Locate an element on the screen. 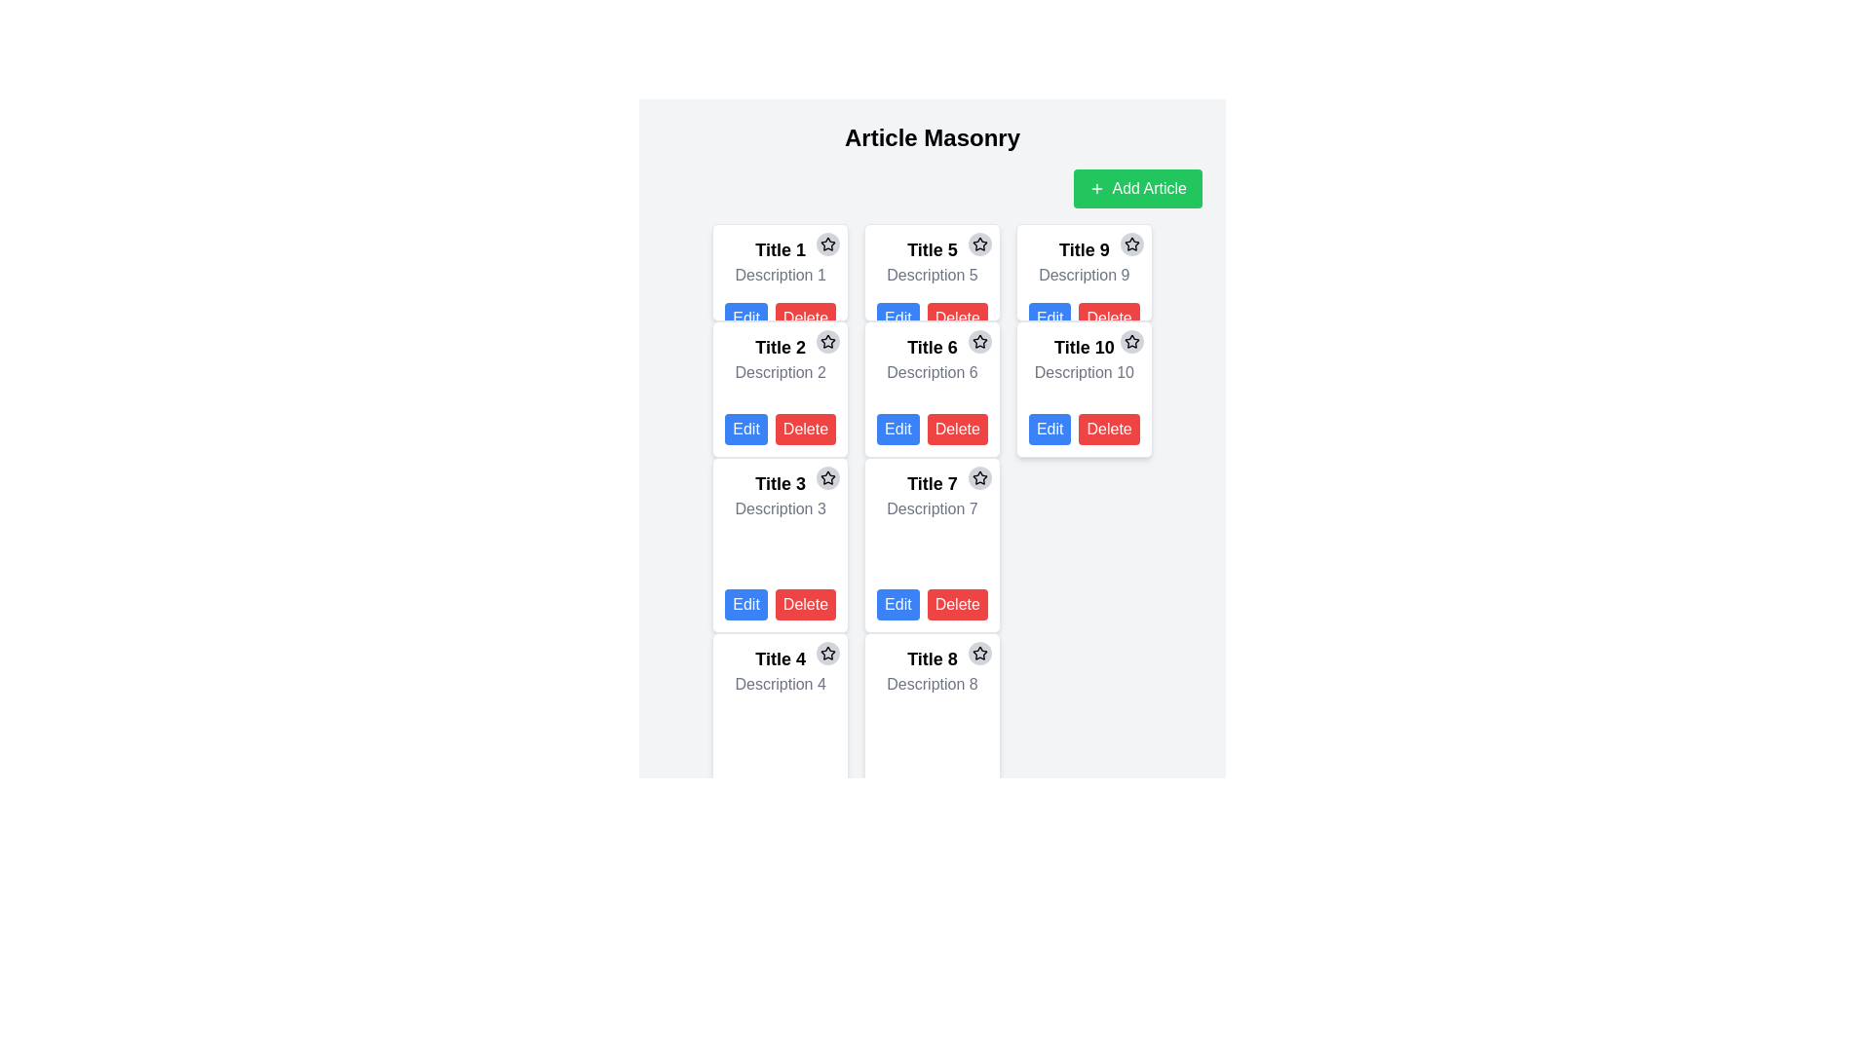 Image resolution: width=1871 pixels, height=1052 pixels. the star graphic icon located in the top-right corner of the card labeled 'Title 6, Description 6' is located at coordinates (979, 340).